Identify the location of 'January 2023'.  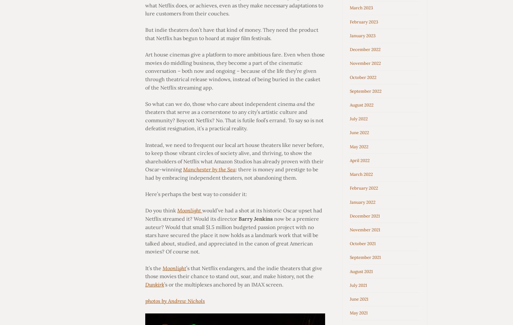
(363, 35).